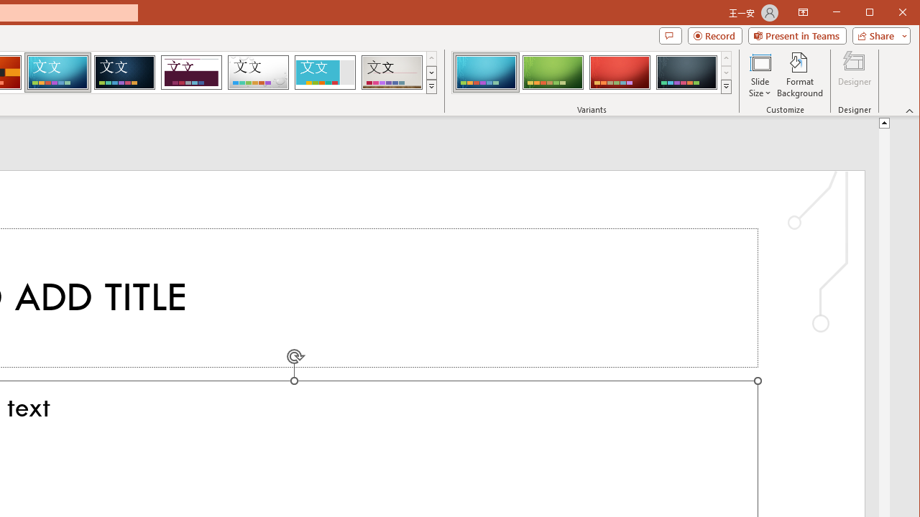 This screenshot has height=517, width=920. I want to click on 'Circuit Variant 2', so click(552, 72).